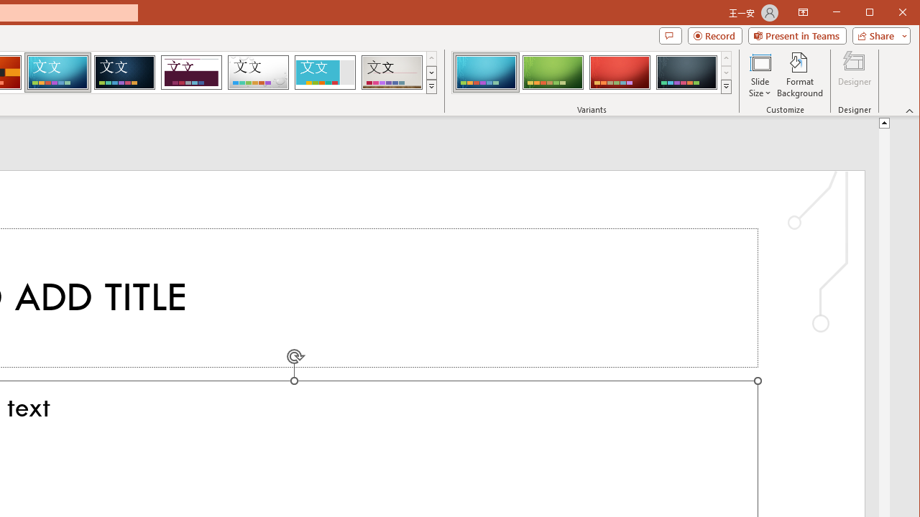 This screenshot has height=517, width=920. I want to click on 'Circuit Variant 2', so click(552, 72).